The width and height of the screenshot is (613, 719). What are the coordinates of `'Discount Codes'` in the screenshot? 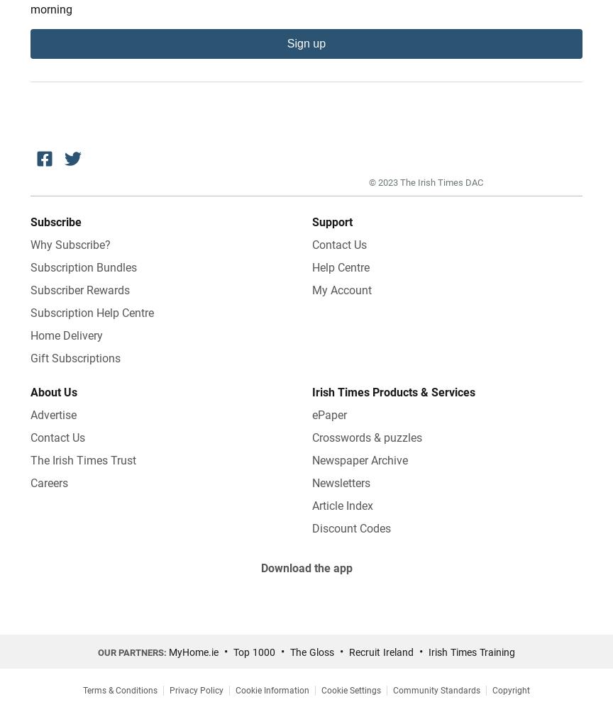 It's located at (351, 527).